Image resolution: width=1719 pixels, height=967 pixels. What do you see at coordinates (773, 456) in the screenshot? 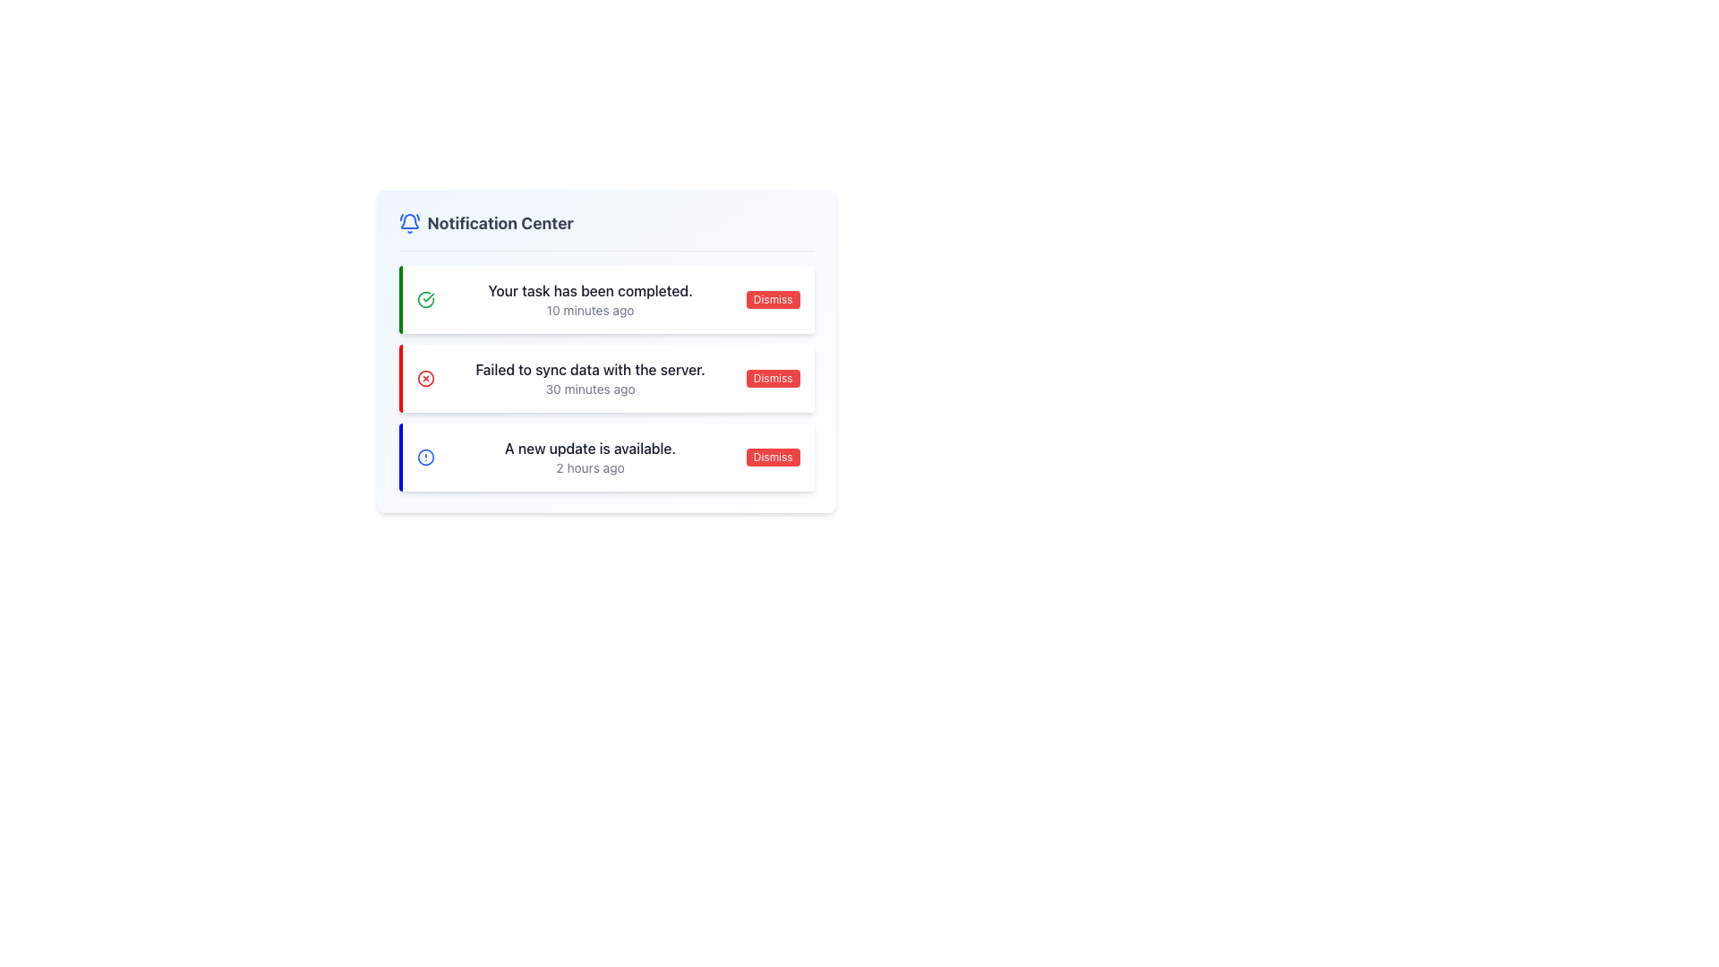
I see `the dismiss button located at the far-right of the notification card containing the text 'A new update is available.'` at bounding box center [773, 456].